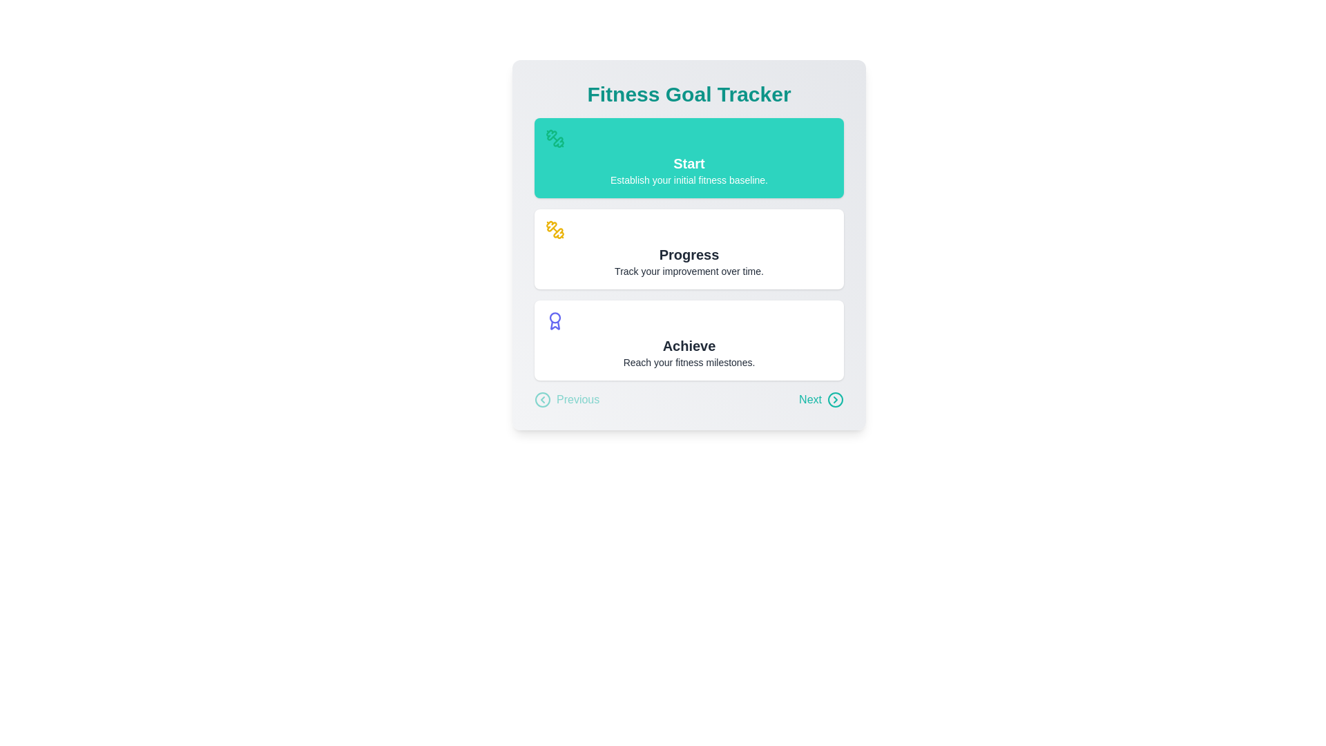  Describe the element at coordinates (689, 341) in the screenshot. I see `the Informational card that displays information about achieving fitness goals, located as the third item in the vertical list below 'Progress'` at that location.